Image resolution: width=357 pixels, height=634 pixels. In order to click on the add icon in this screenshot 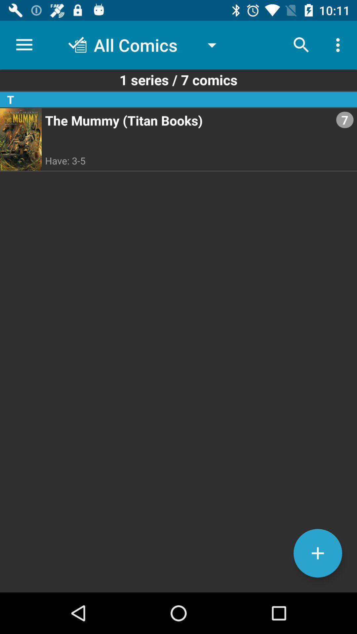, I will do `click(317, 553)`.